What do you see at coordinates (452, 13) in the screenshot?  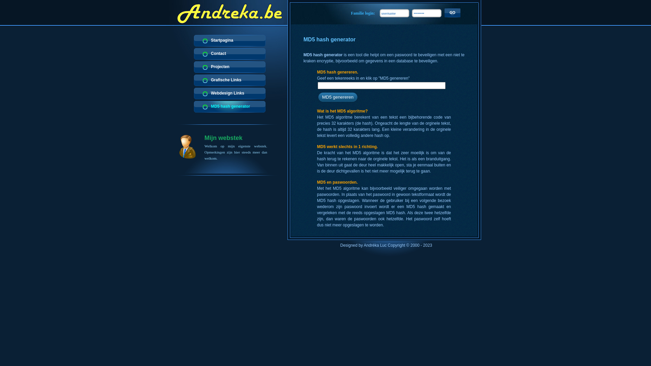 I see `'_'` at bounding box center [452, 13].